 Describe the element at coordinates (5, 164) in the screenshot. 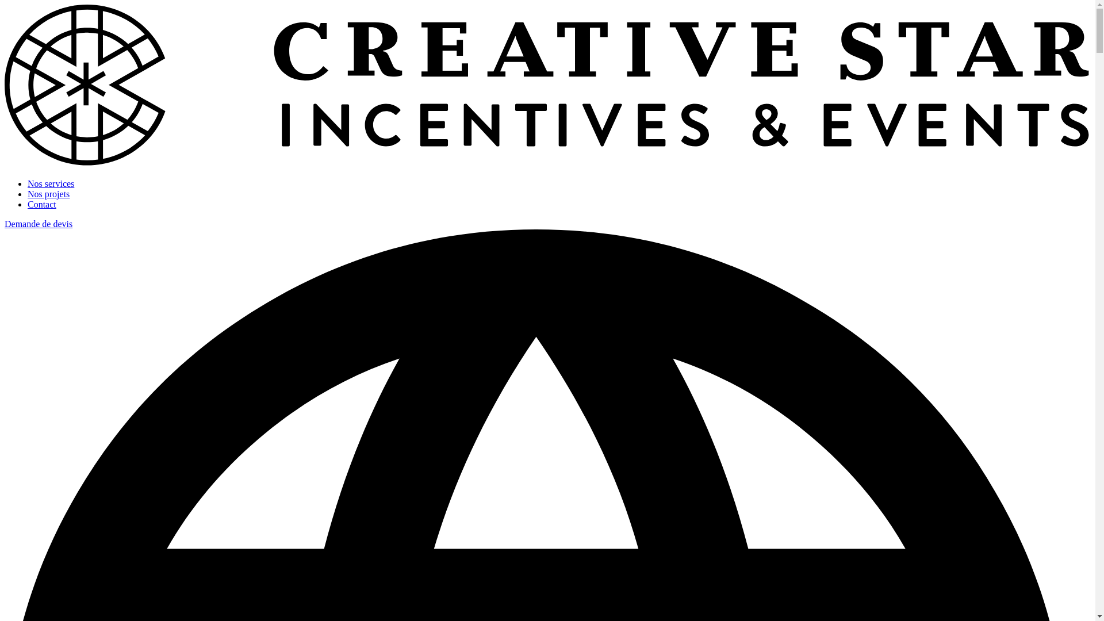

I see `'Creative star - Incentives & Events'` at that location.